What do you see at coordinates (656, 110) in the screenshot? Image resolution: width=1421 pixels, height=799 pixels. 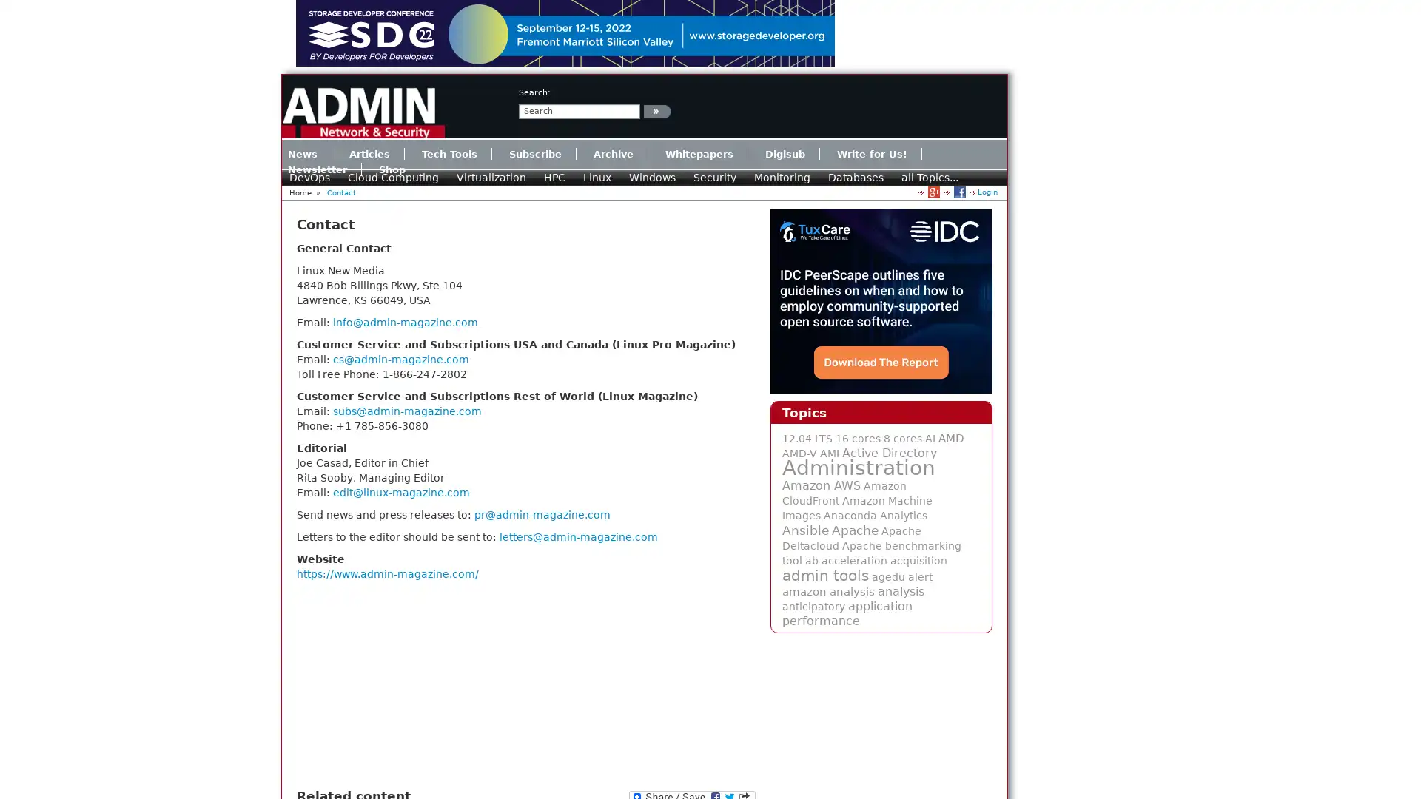 I see `search:` at bounding box center [656, 110].